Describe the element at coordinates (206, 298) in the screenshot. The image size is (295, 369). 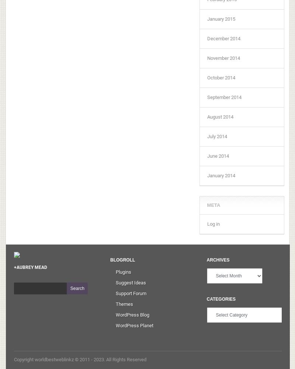
I see `'Categories'` at that location.